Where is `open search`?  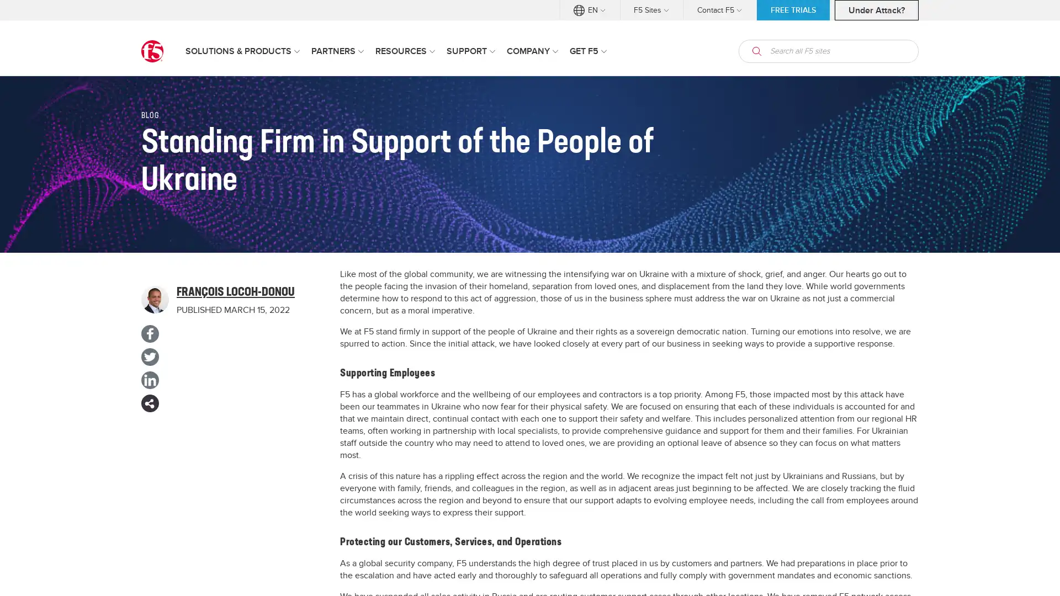
open search is located at coordinates (755, 51).